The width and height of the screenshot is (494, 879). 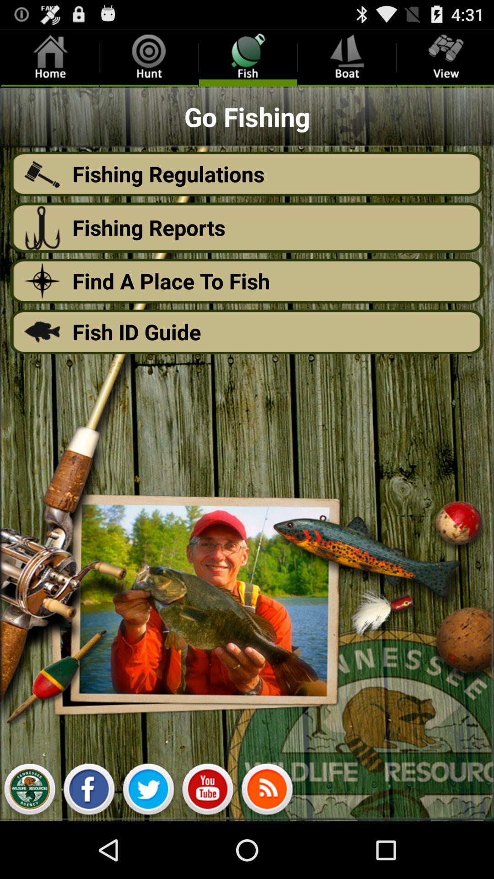 What do you see at coordinates (267, 791) in the screenshot?
I see `wifi` at bounding box center [267, 791].